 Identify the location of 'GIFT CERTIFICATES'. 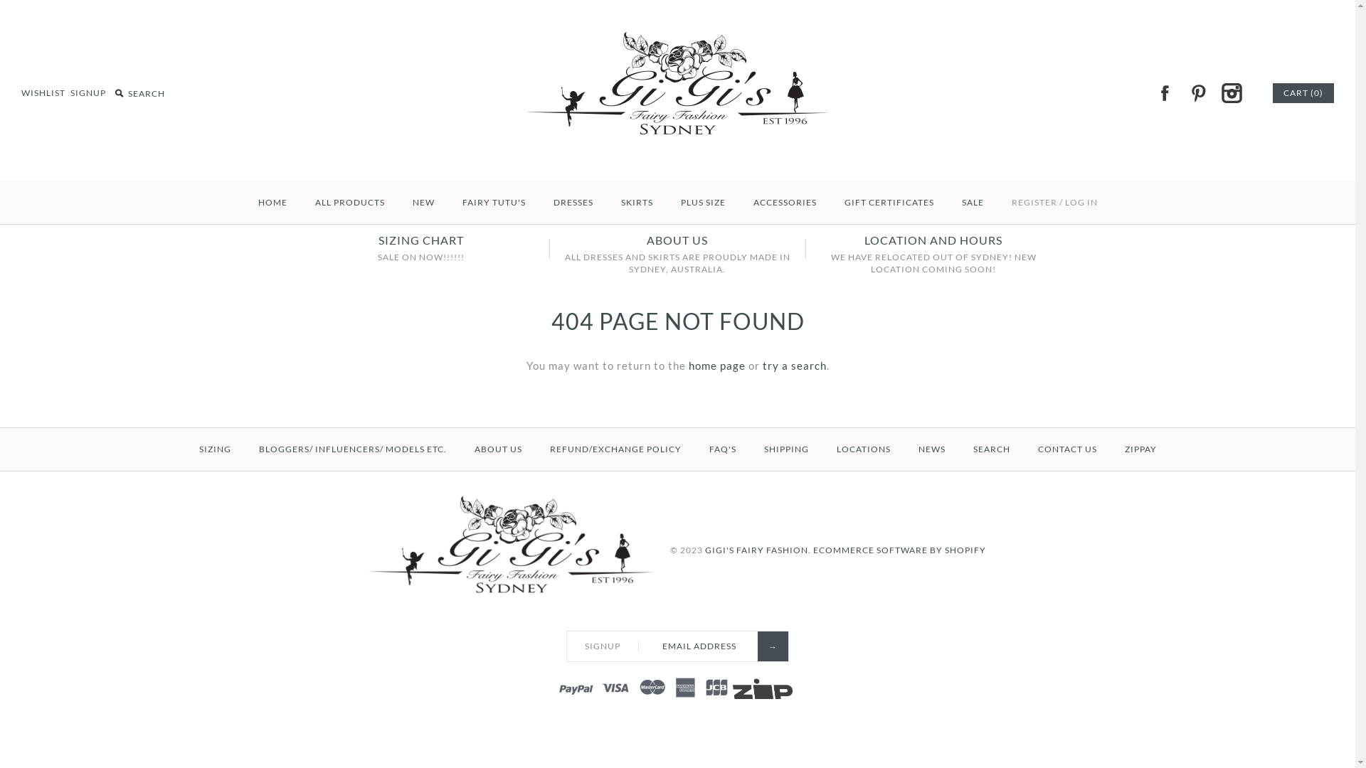
(887, 203).